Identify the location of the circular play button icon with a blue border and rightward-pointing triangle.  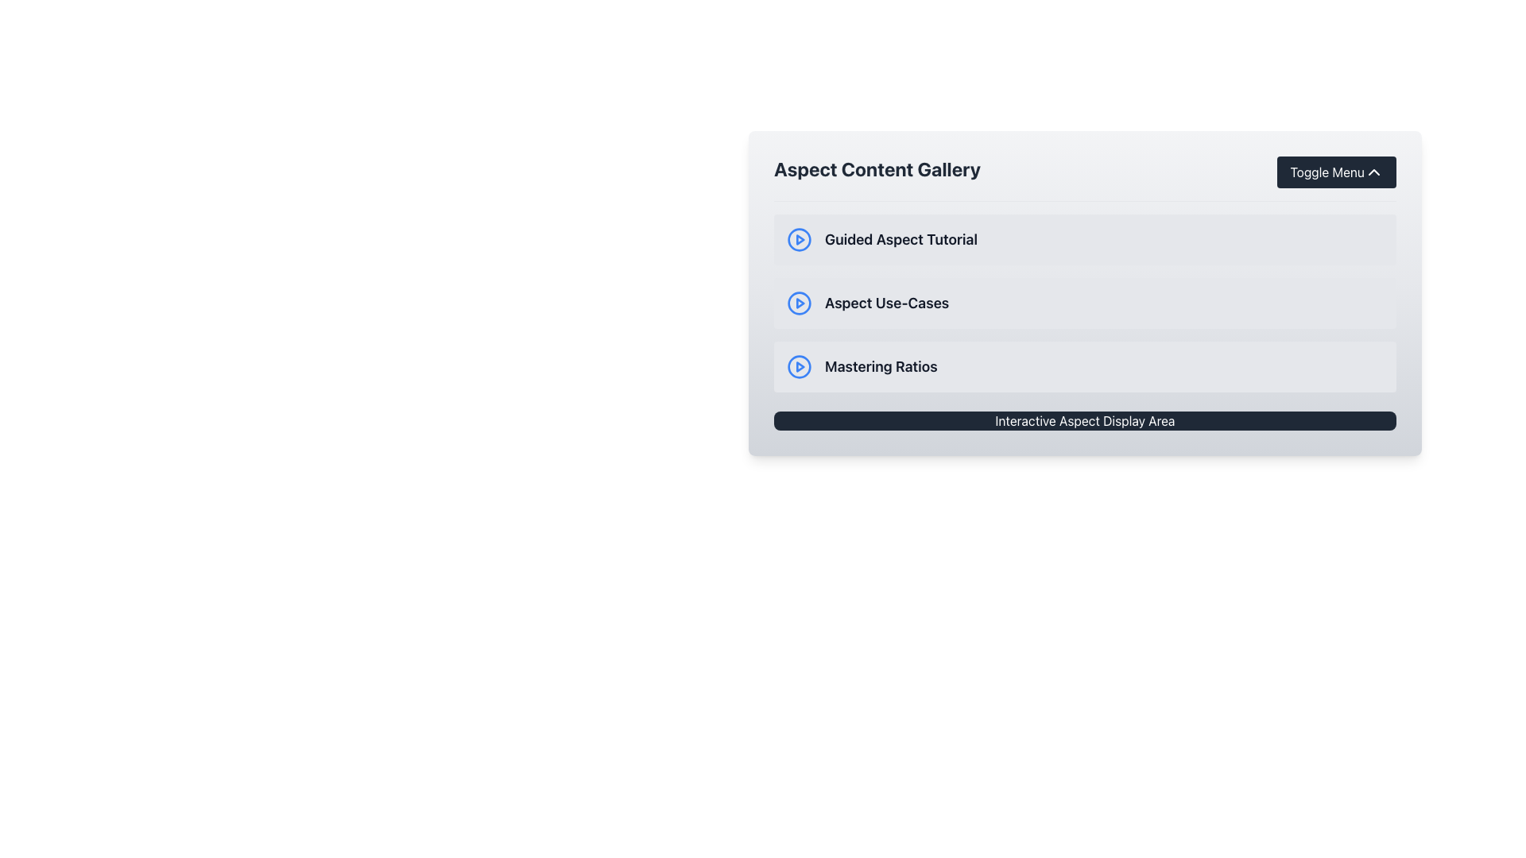
(800, 303).